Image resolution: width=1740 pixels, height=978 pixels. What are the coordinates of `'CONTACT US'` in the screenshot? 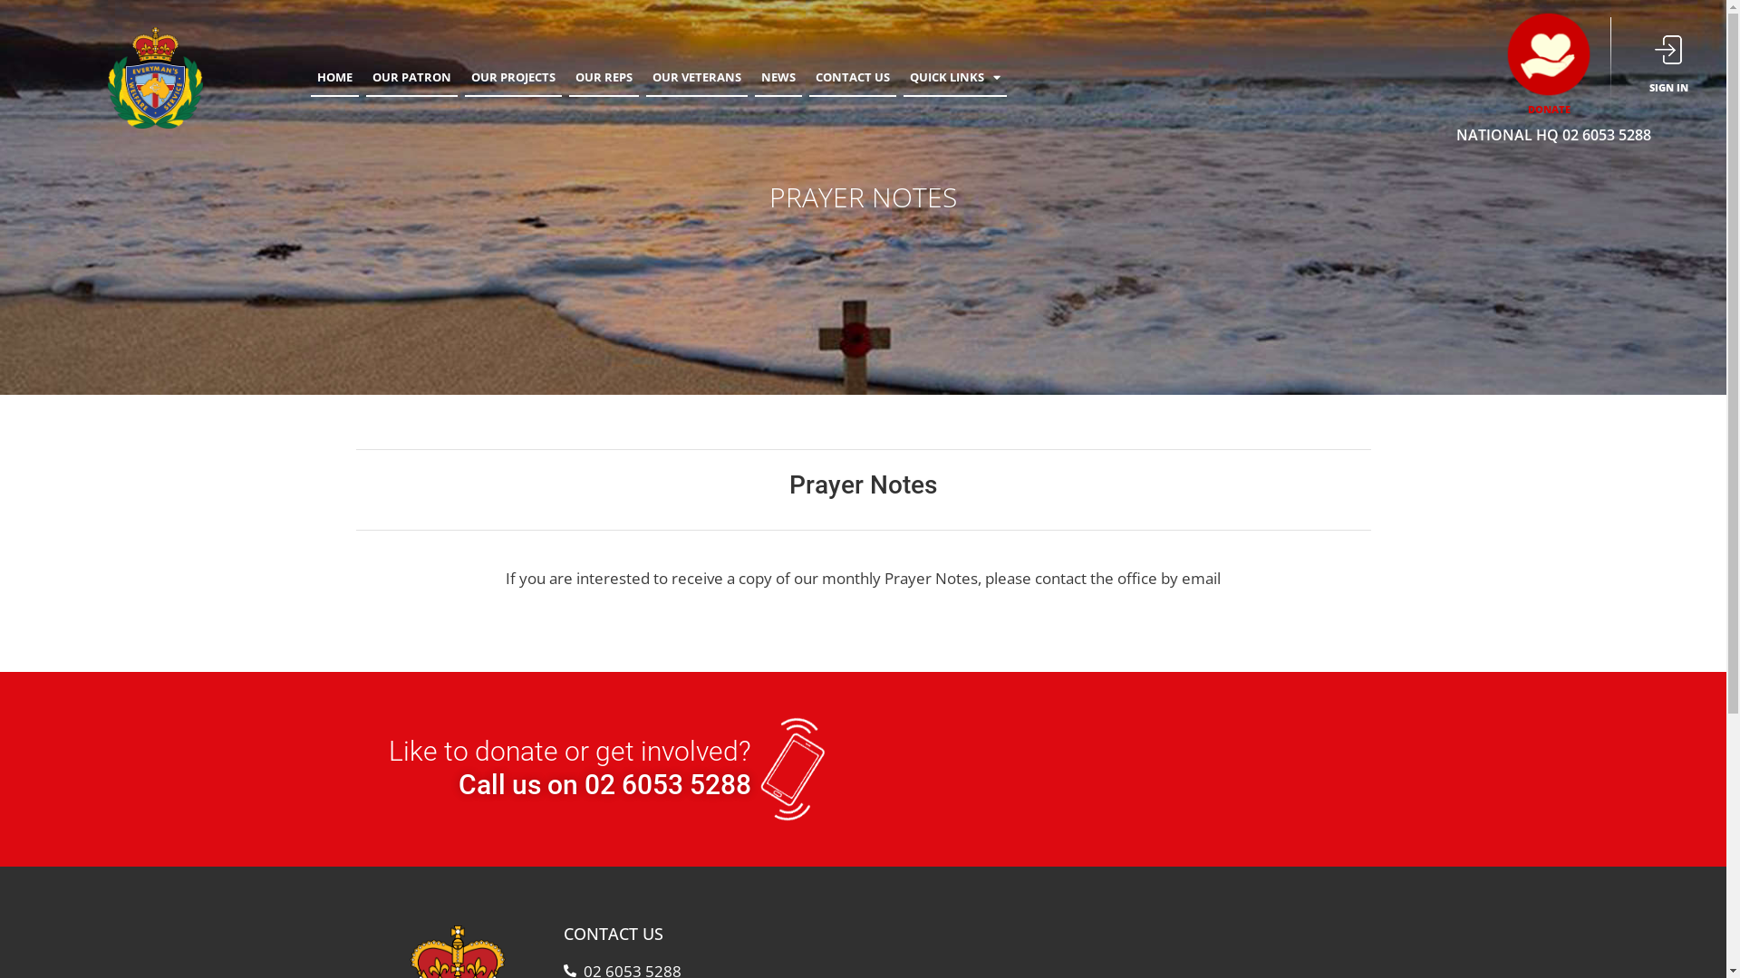 It's located at (807, 76).